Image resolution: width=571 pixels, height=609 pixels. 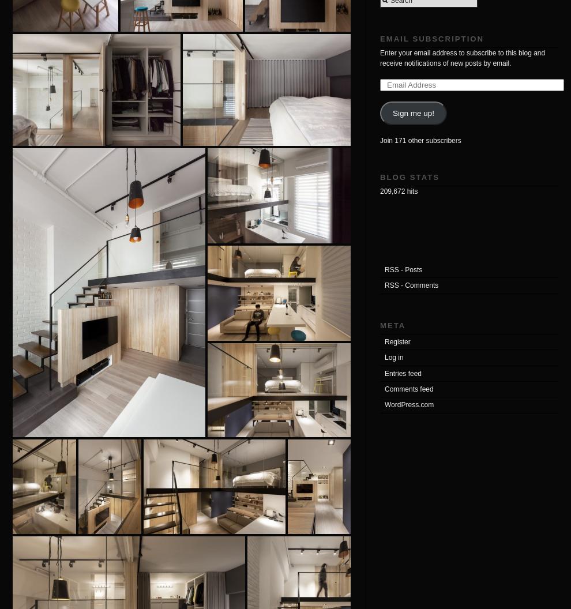 I want to click on 'Blog Stats', so click(x=409, y=176).